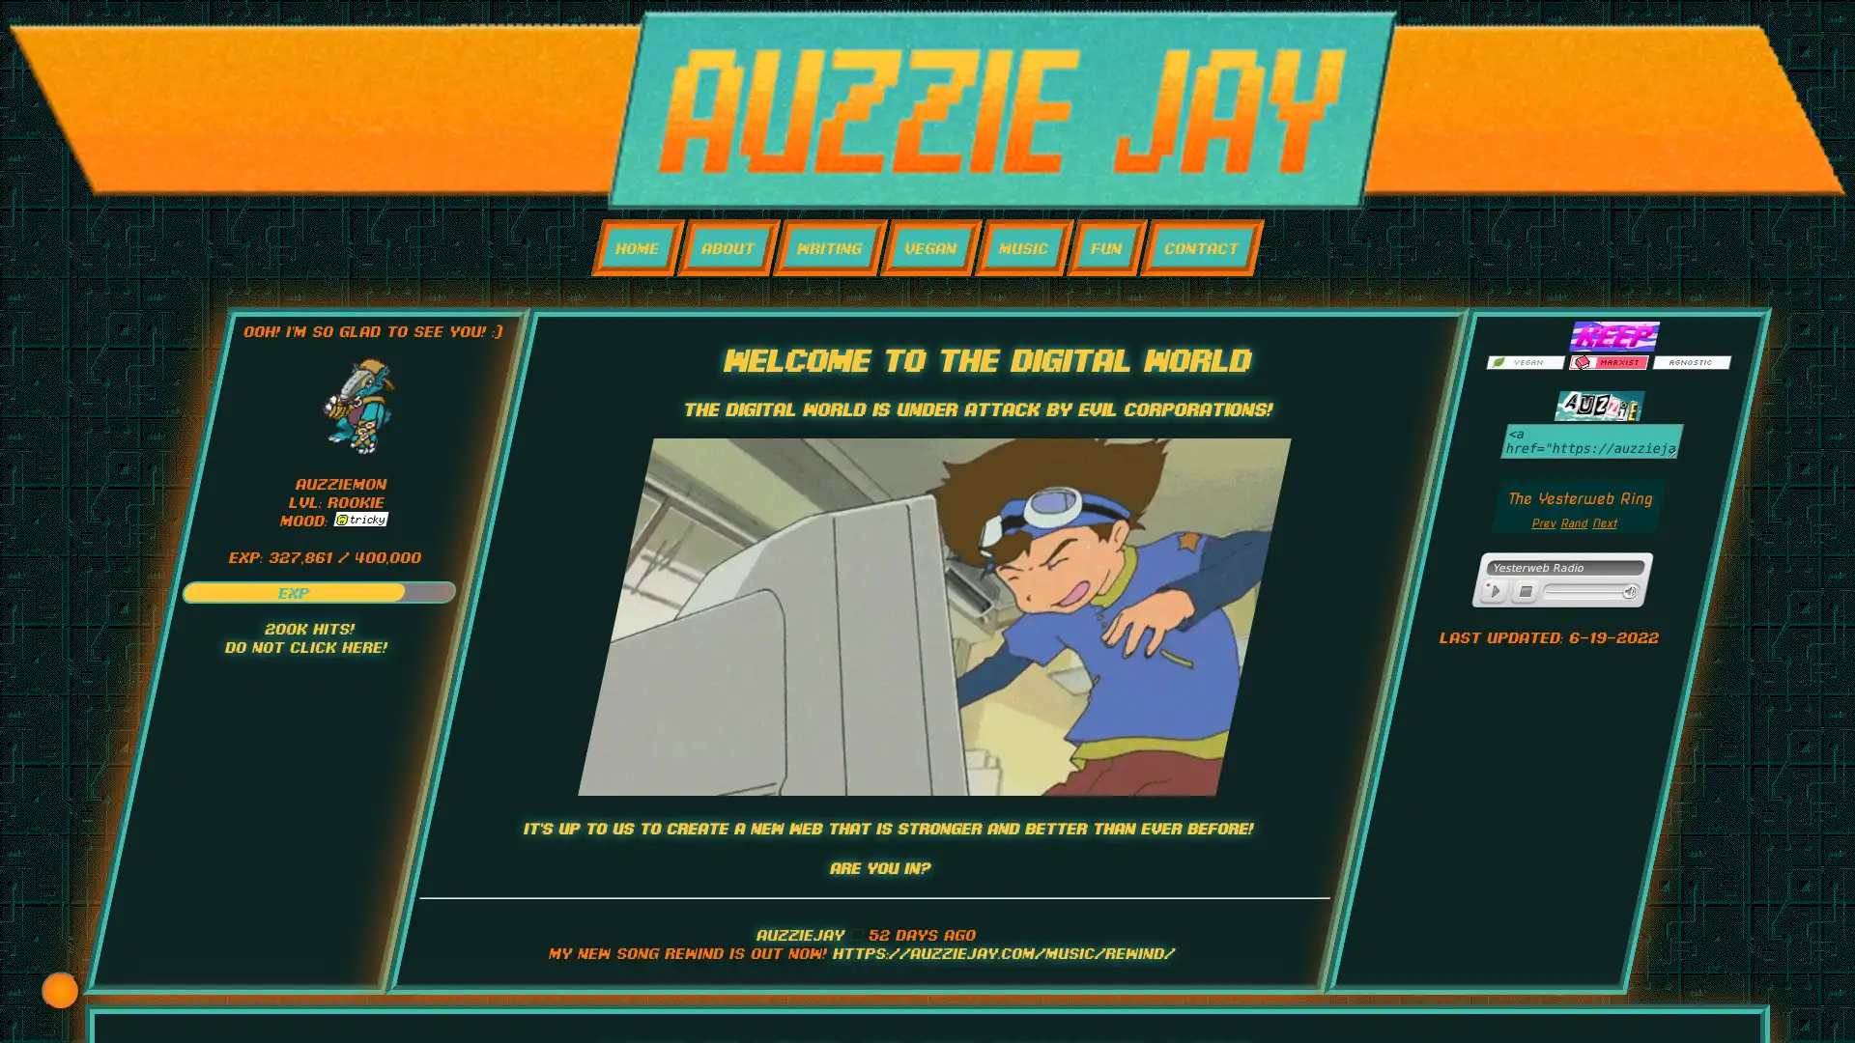 The height and width of the screenshot is (1043, 1855). Describe the element at coordinates (1022, 246) in the screenshot. I see `MUSIC` at that location.